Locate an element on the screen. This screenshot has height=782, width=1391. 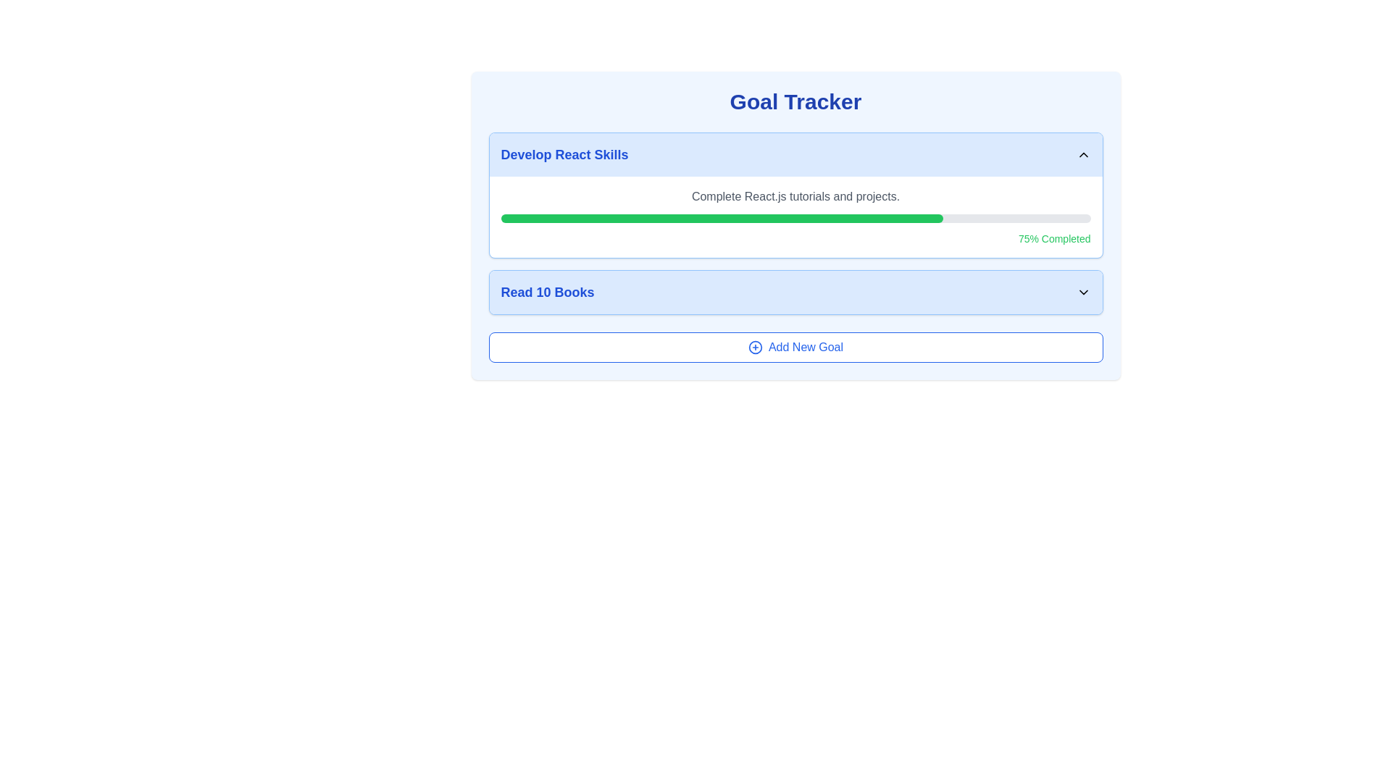
the label displaying 'Complete React.js tutorials and projects.' in gray font, located in the 'Develop React Skills' section of the 'Goal Tracker' interface is located at coordinates (795, 197).